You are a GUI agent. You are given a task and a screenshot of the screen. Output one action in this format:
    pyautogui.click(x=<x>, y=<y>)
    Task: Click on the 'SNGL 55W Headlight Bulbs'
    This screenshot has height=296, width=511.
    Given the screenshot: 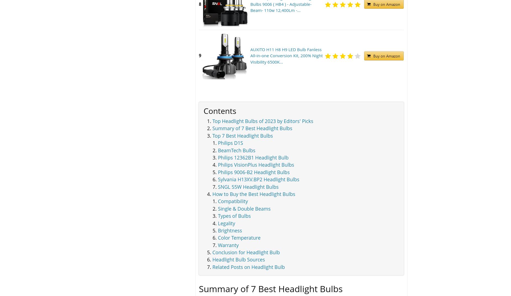 What is the action you would take?
    pyautogui.click(x=248, y=186)
    